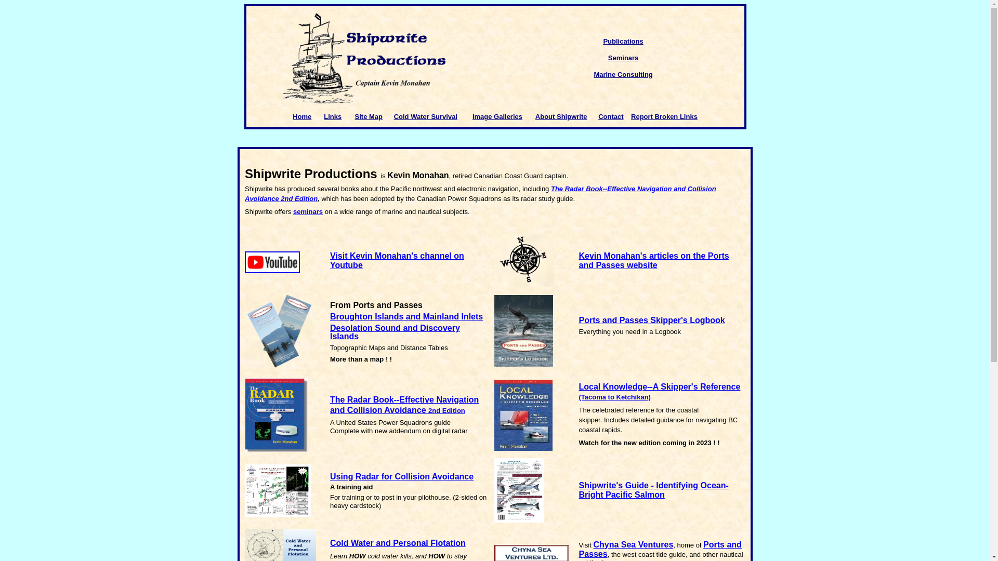 The image size is (998, 561). Describe the element at coordinates (663, 116) in the screenshot. I see `'Report Broken Links'` at that location.